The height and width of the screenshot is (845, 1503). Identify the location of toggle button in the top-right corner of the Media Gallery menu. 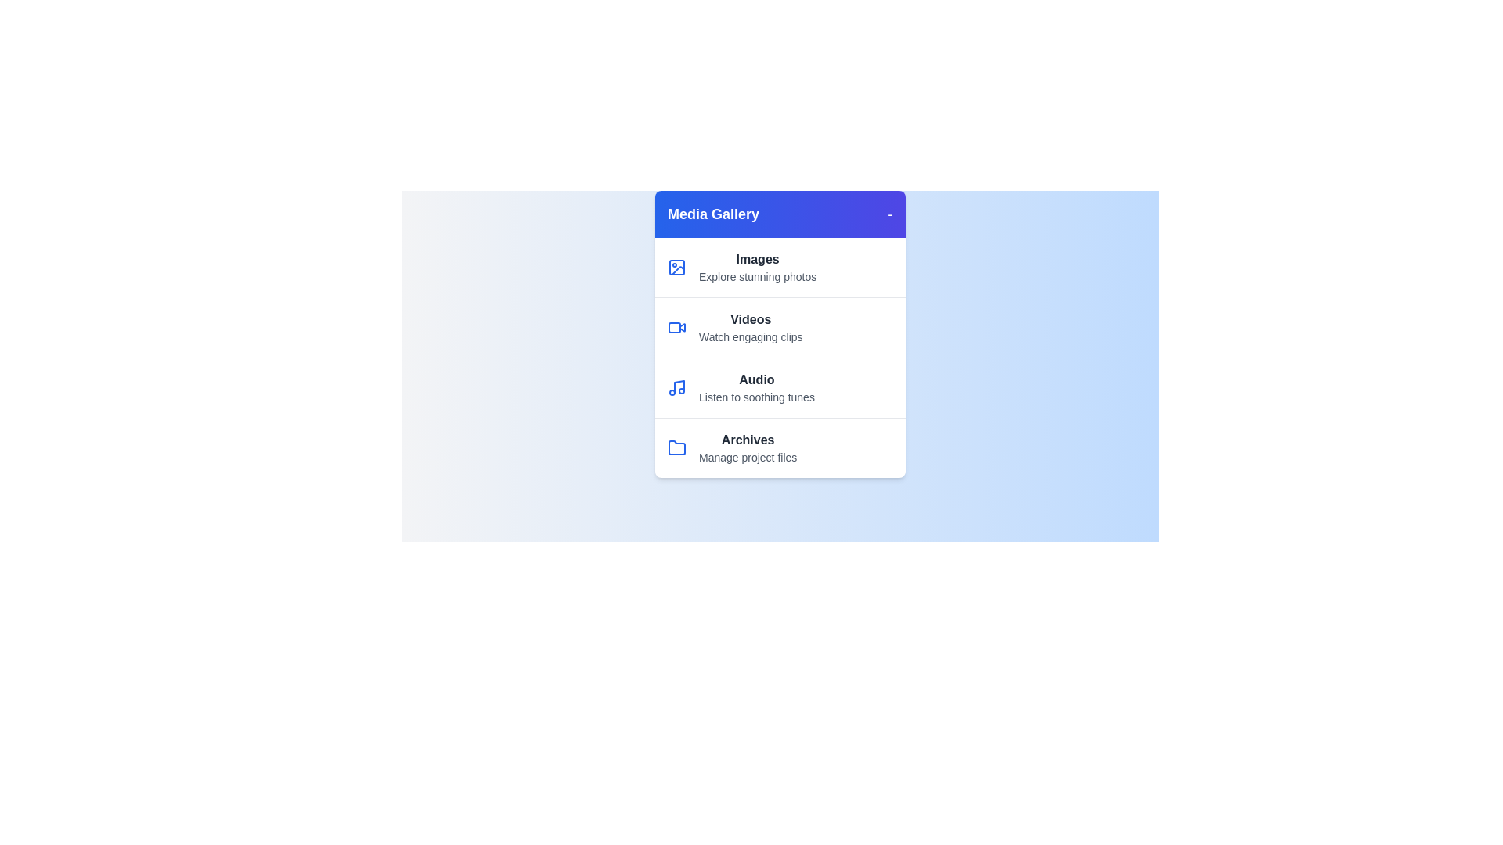
(890, 214).